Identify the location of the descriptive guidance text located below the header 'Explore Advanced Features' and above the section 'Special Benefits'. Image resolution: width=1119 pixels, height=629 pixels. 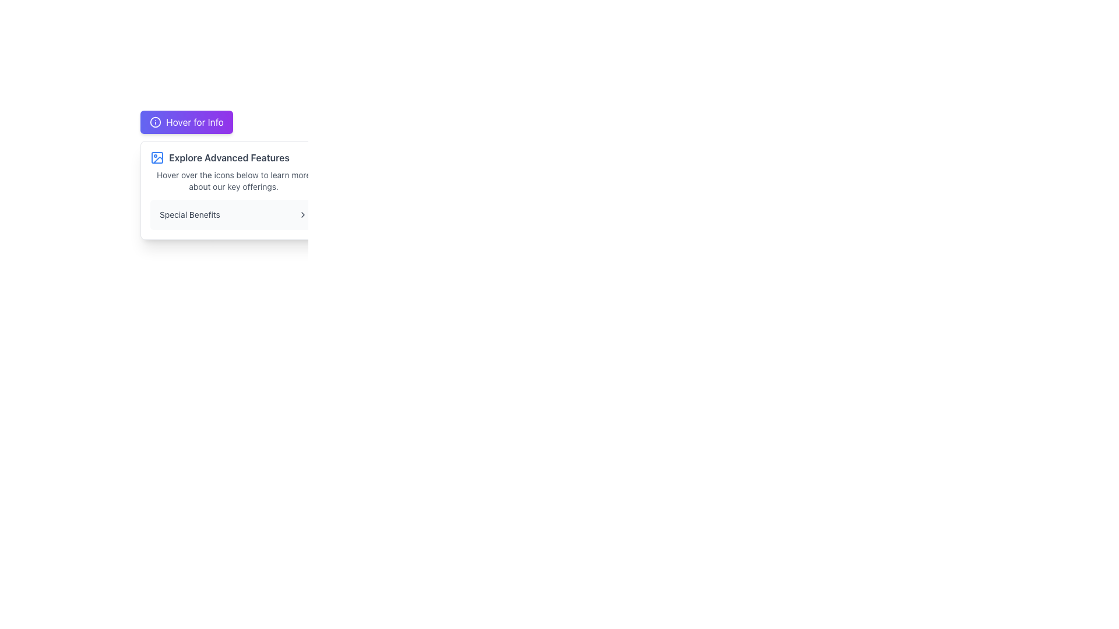
(233, 181).